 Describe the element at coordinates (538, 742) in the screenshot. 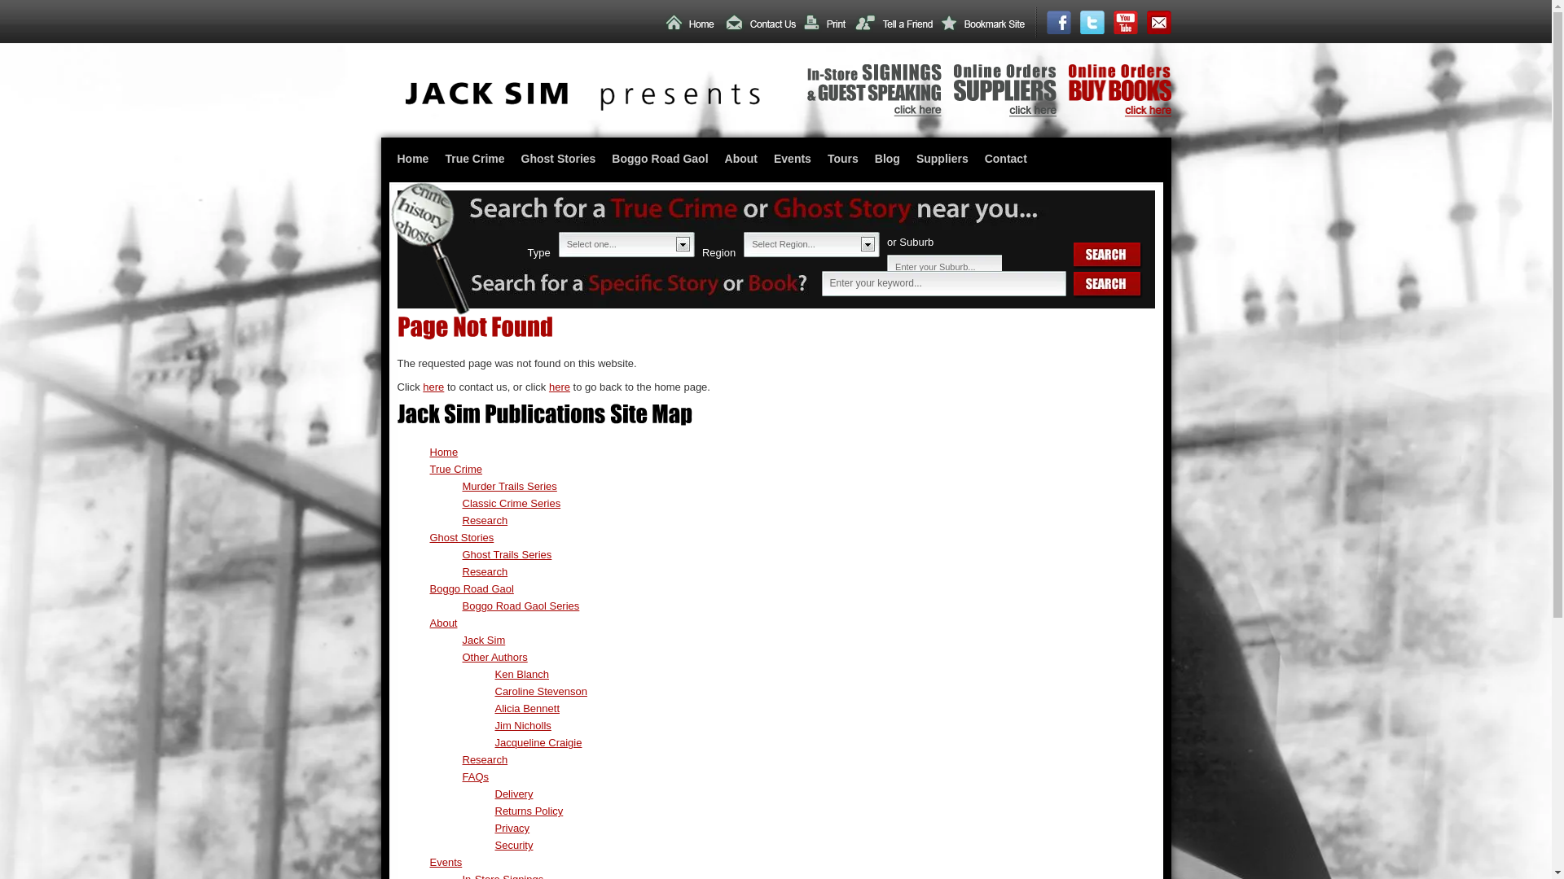

I see `'Jacqueline Craigie'` at that location.